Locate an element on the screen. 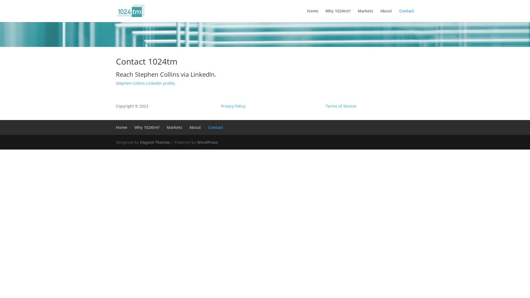 Image resolution: width=530 pixels, height=298 pixels. 'Privacy Policy' is located at coordinates (233, 106).